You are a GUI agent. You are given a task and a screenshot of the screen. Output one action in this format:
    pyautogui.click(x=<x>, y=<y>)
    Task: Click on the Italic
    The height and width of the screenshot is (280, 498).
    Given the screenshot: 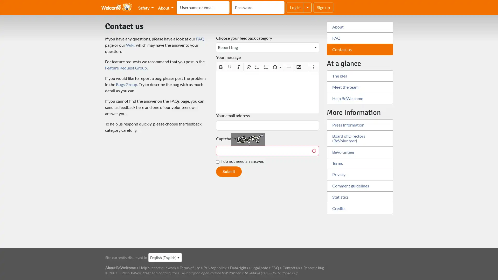 What is the action you would take?
    pyautogui.click(x=238, y=67)
    